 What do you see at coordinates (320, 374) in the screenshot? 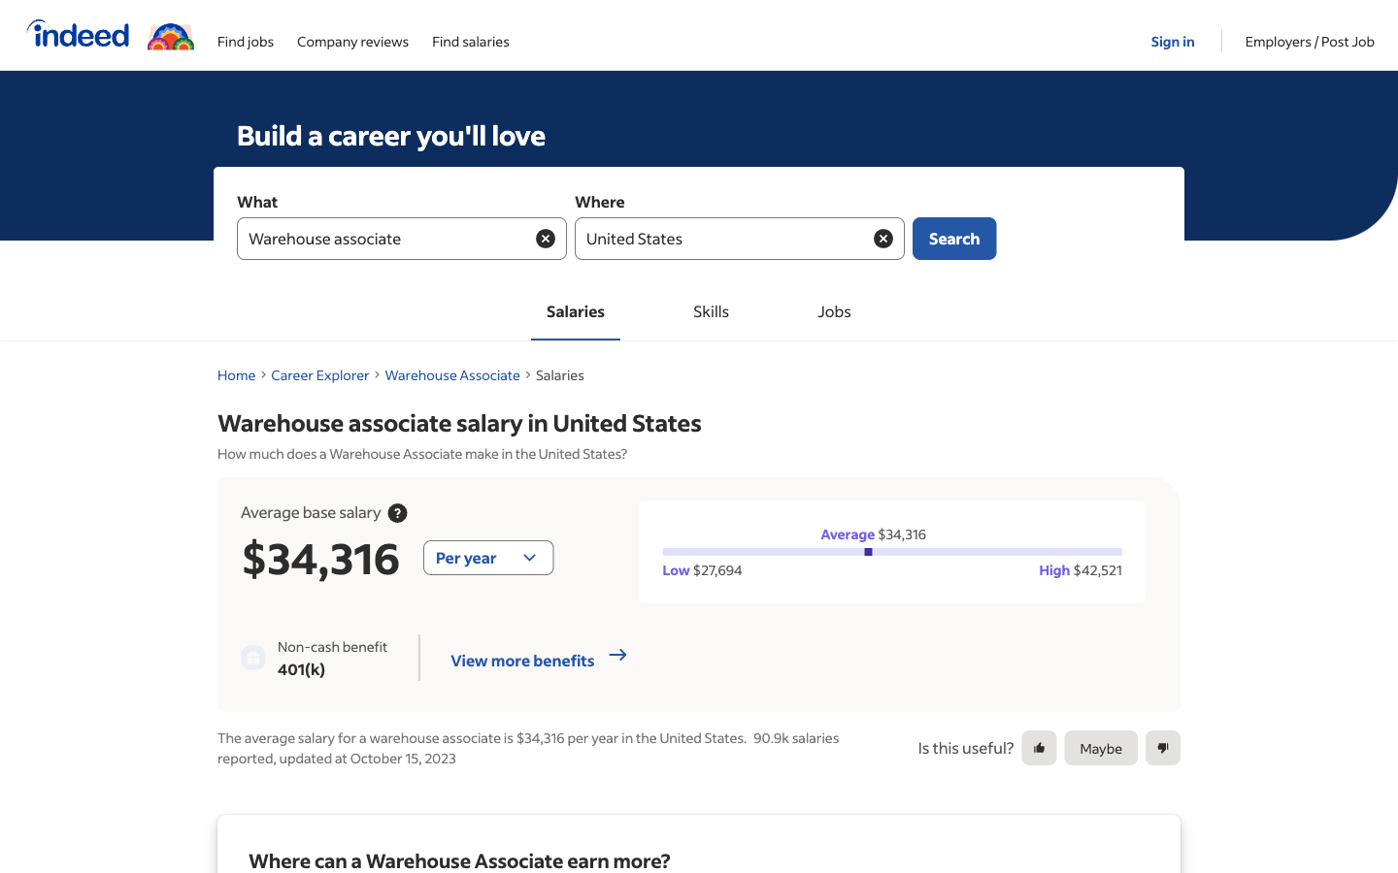
I see `the career explorer page` at bounding box center [320, 374].